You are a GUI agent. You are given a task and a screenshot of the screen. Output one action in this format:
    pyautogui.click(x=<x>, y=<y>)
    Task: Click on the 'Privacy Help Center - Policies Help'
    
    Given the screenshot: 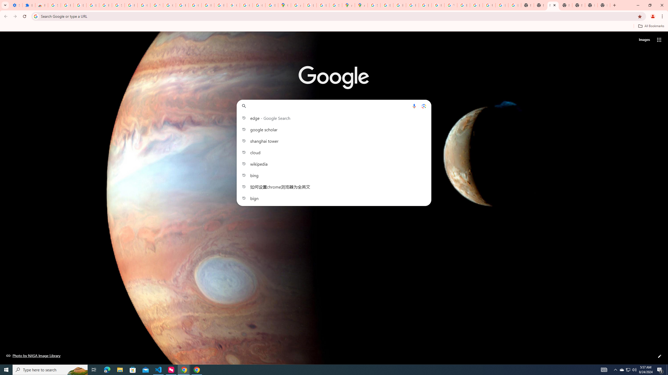 What is the action you would take?
    pyautogui.click(x=412, y=5)
    